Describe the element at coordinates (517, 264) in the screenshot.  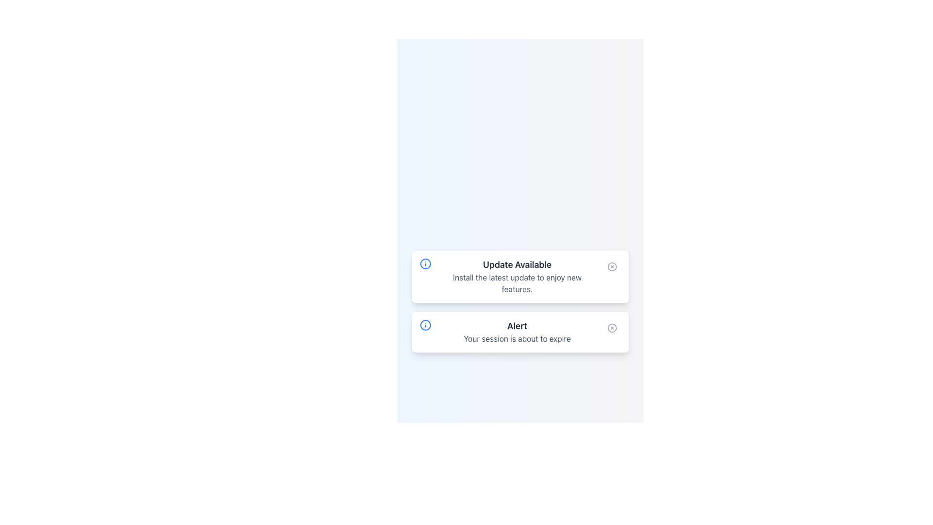
I see `the 'Update Available' text label, which is bold and dark gray, located at the top-center of the notification card` at that location.